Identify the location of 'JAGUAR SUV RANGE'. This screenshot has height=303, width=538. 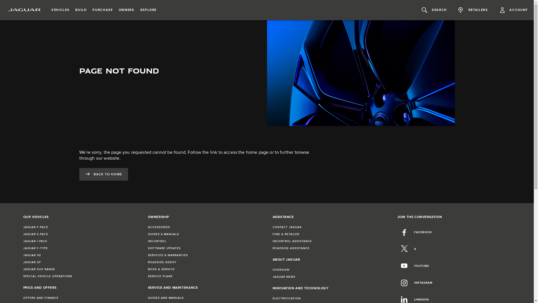
(39, 269).